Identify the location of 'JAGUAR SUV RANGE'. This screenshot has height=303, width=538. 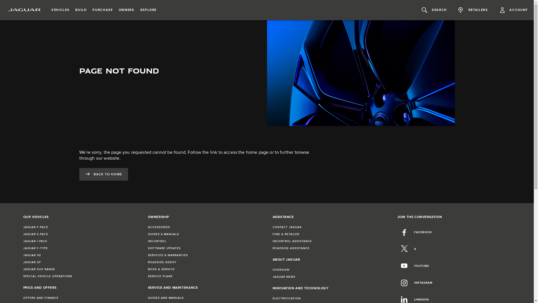
(39, 269).